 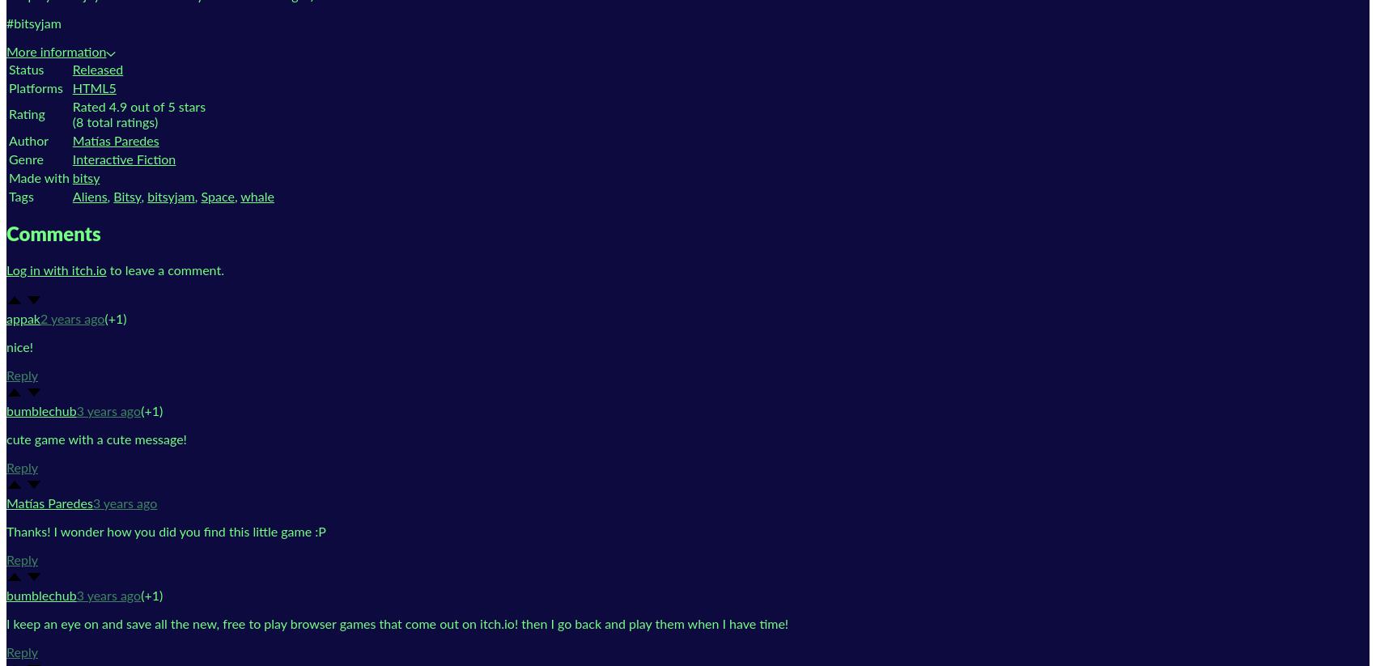 What do you see at coordinates (72, 87) in the screenshot?
I see `'HTML5'` at bounding box center [72, 87].